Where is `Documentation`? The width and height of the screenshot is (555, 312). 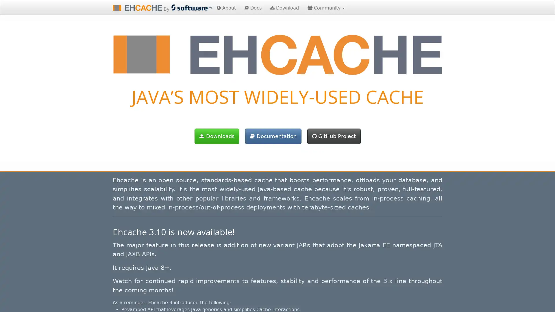
Documentation is located at coordinates (273, 136).